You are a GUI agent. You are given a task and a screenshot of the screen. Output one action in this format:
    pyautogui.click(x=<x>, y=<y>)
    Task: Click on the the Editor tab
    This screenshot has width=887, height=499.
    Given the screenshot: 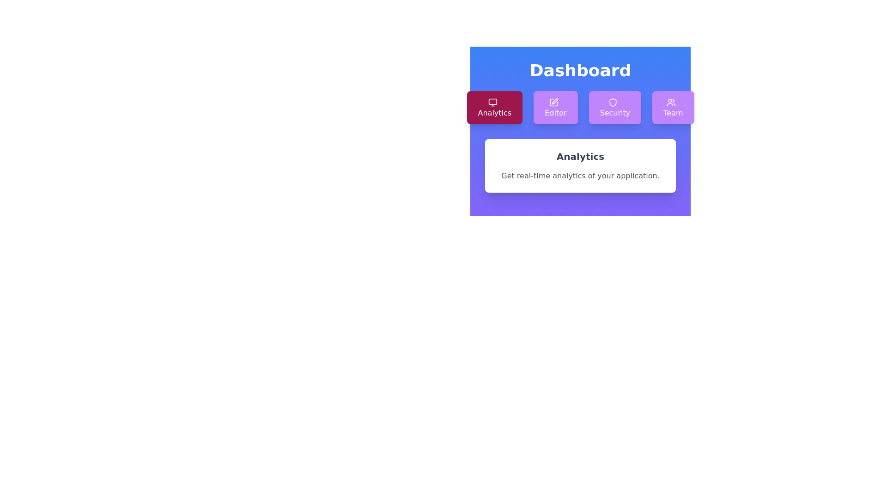 What is the action you would take?
    pyautogui.click(x=555, y=107)
    